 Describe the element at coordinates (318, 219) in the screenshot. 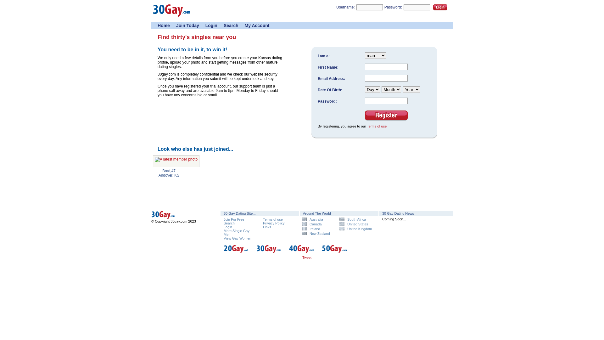

I see `'Australia'` at that location.